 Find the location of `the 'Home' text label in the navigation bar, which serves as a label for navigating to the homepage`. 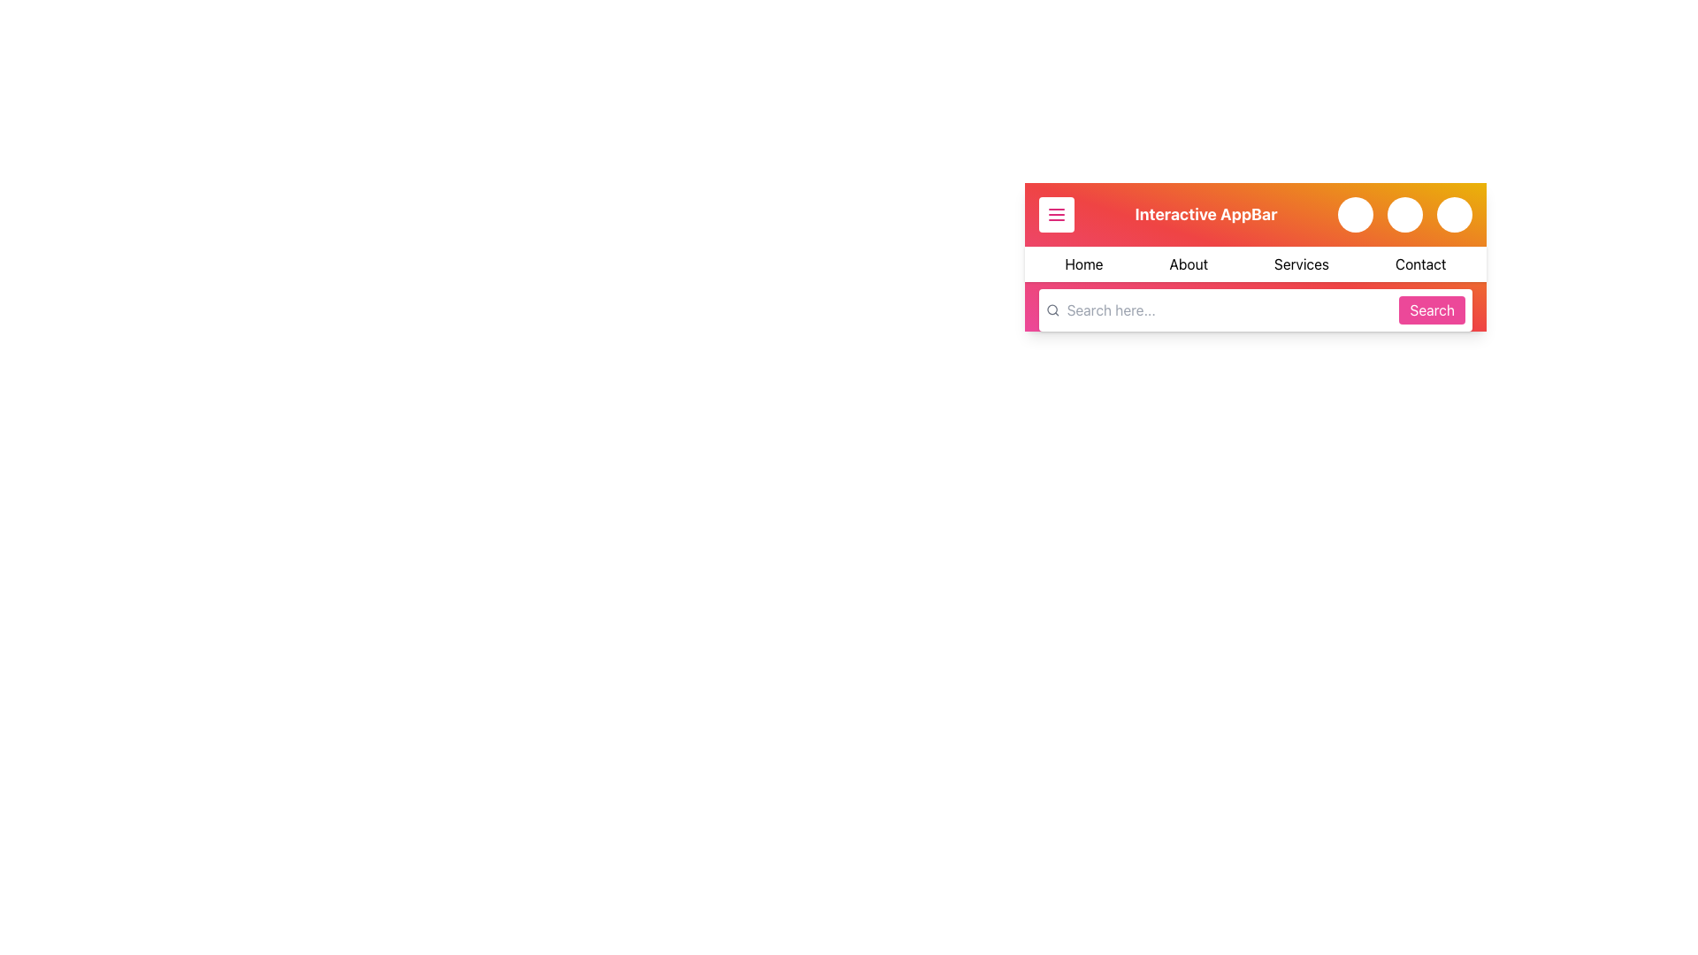

the 'Home' text label in the navigation bar, which serves as a label for navigating to the homepage is located at coordinates (1082, 264).